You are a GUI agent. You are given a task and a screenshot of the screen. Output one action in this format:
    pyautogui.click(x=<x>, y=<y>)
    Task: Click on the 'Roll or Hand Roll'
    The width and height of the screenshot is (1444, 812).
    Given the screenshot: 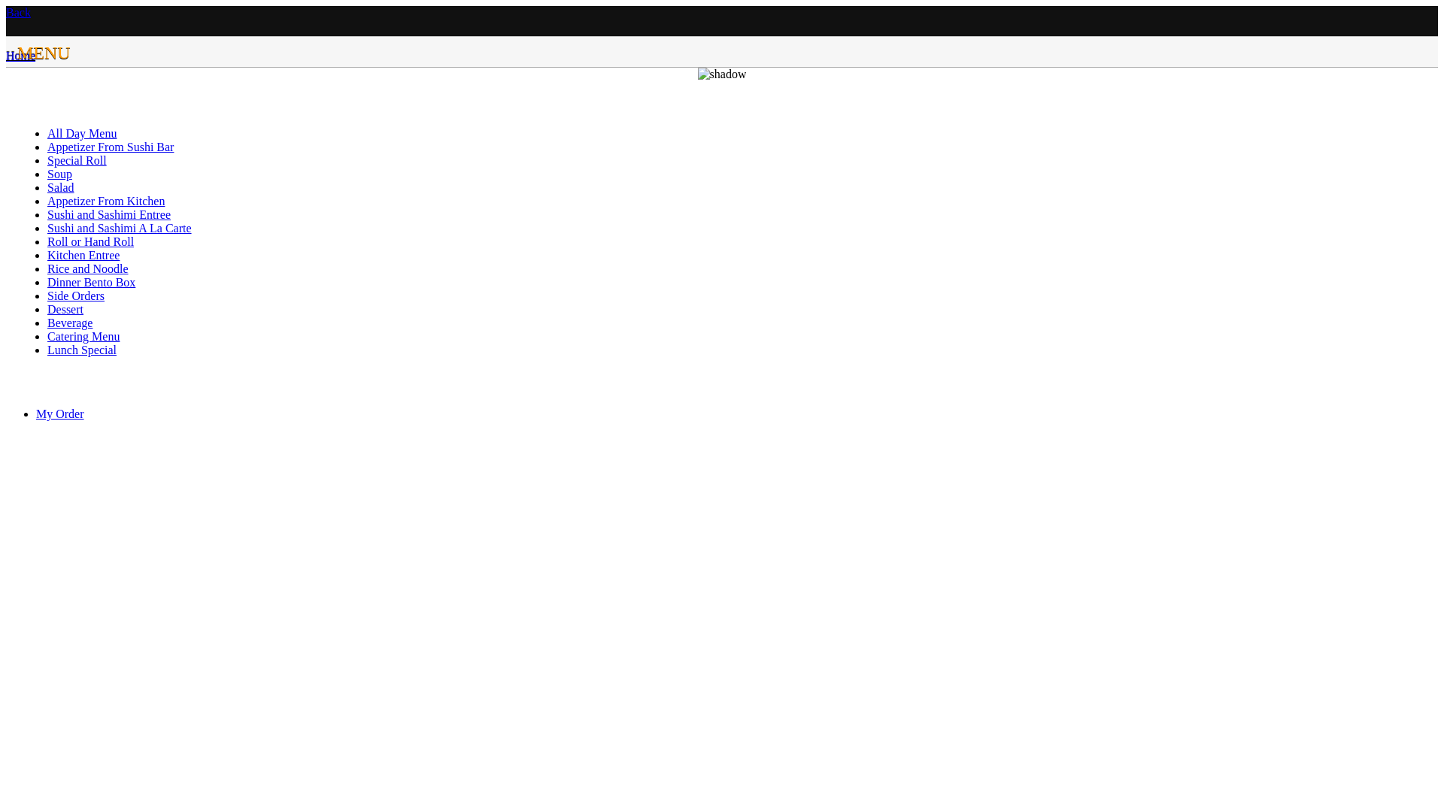 What is the action you would take?
    pyautogui.click(x=89, y=241)
    